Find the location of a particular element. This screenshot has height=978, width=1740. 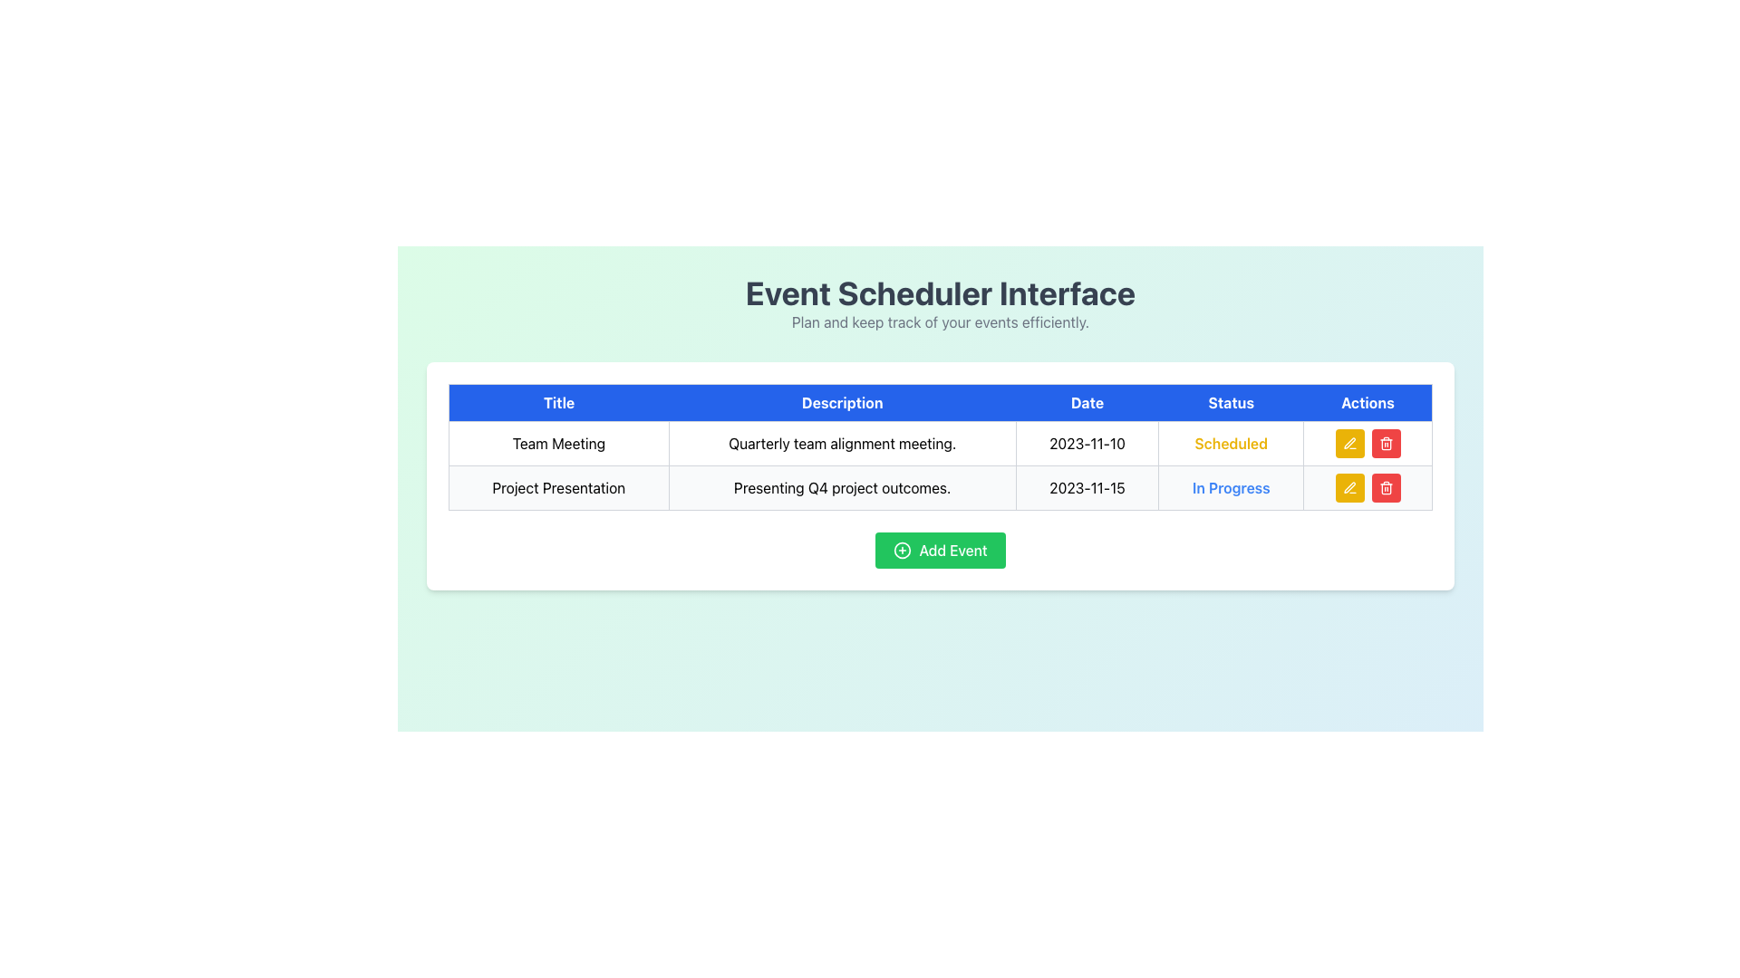

the green rectangular button labeled 'Add Event' with rounded corners is located at coordinates (940, 550).